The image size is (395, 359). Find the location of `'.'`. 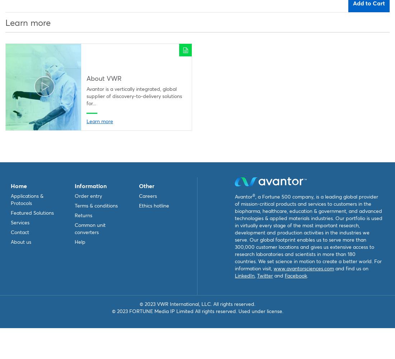

'.' is located at coordinates (307, 276).